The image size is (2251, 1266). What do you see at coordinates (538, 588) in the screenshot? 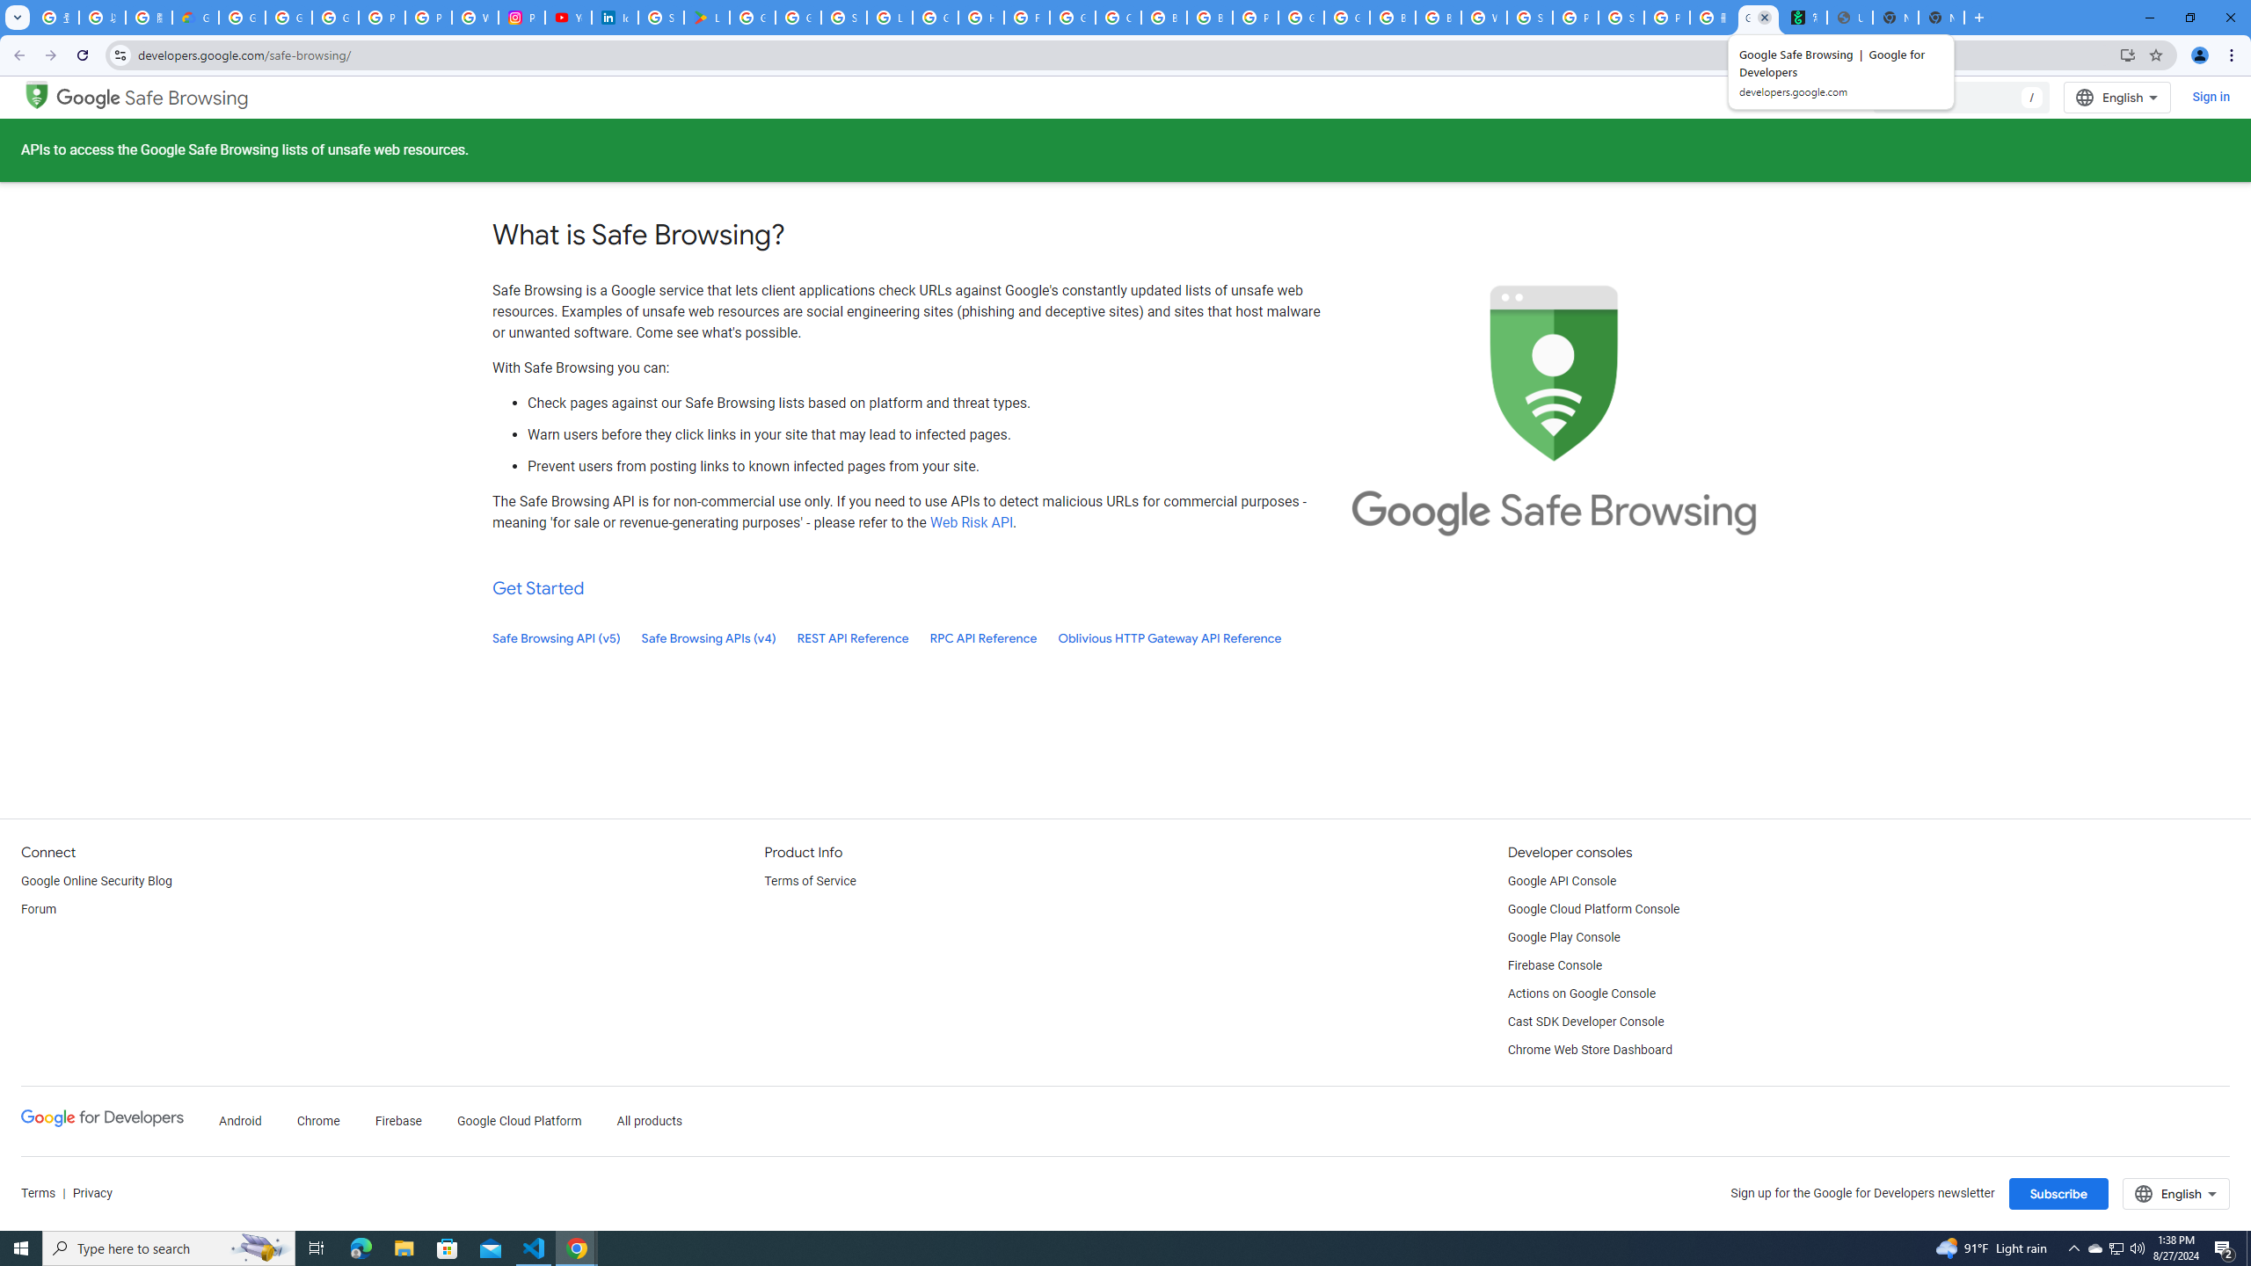
I see `'Get Started'` at bounding box center [538, 588].